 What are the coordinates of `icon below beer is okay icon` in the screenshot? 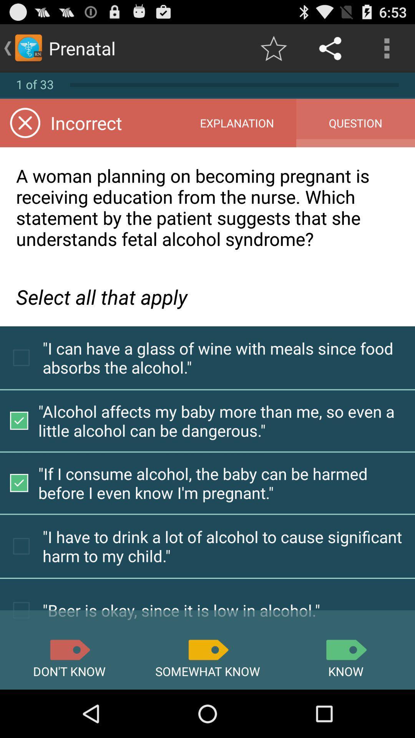 It's located at (345, 649).